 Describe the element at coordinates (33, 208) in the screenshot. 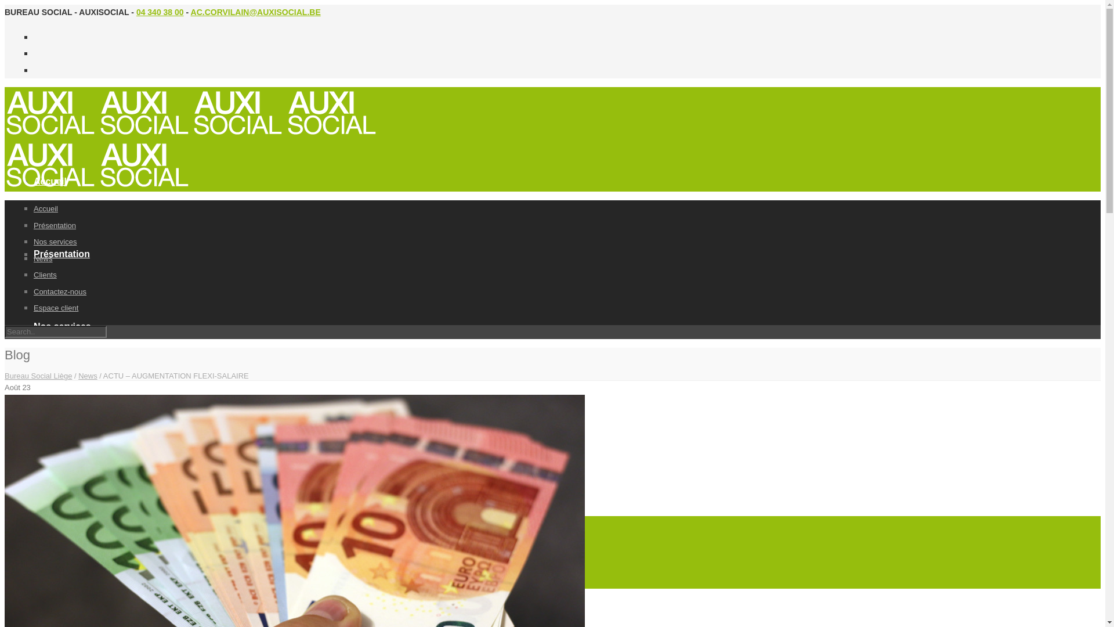

I see `'Accueil'` at that location.